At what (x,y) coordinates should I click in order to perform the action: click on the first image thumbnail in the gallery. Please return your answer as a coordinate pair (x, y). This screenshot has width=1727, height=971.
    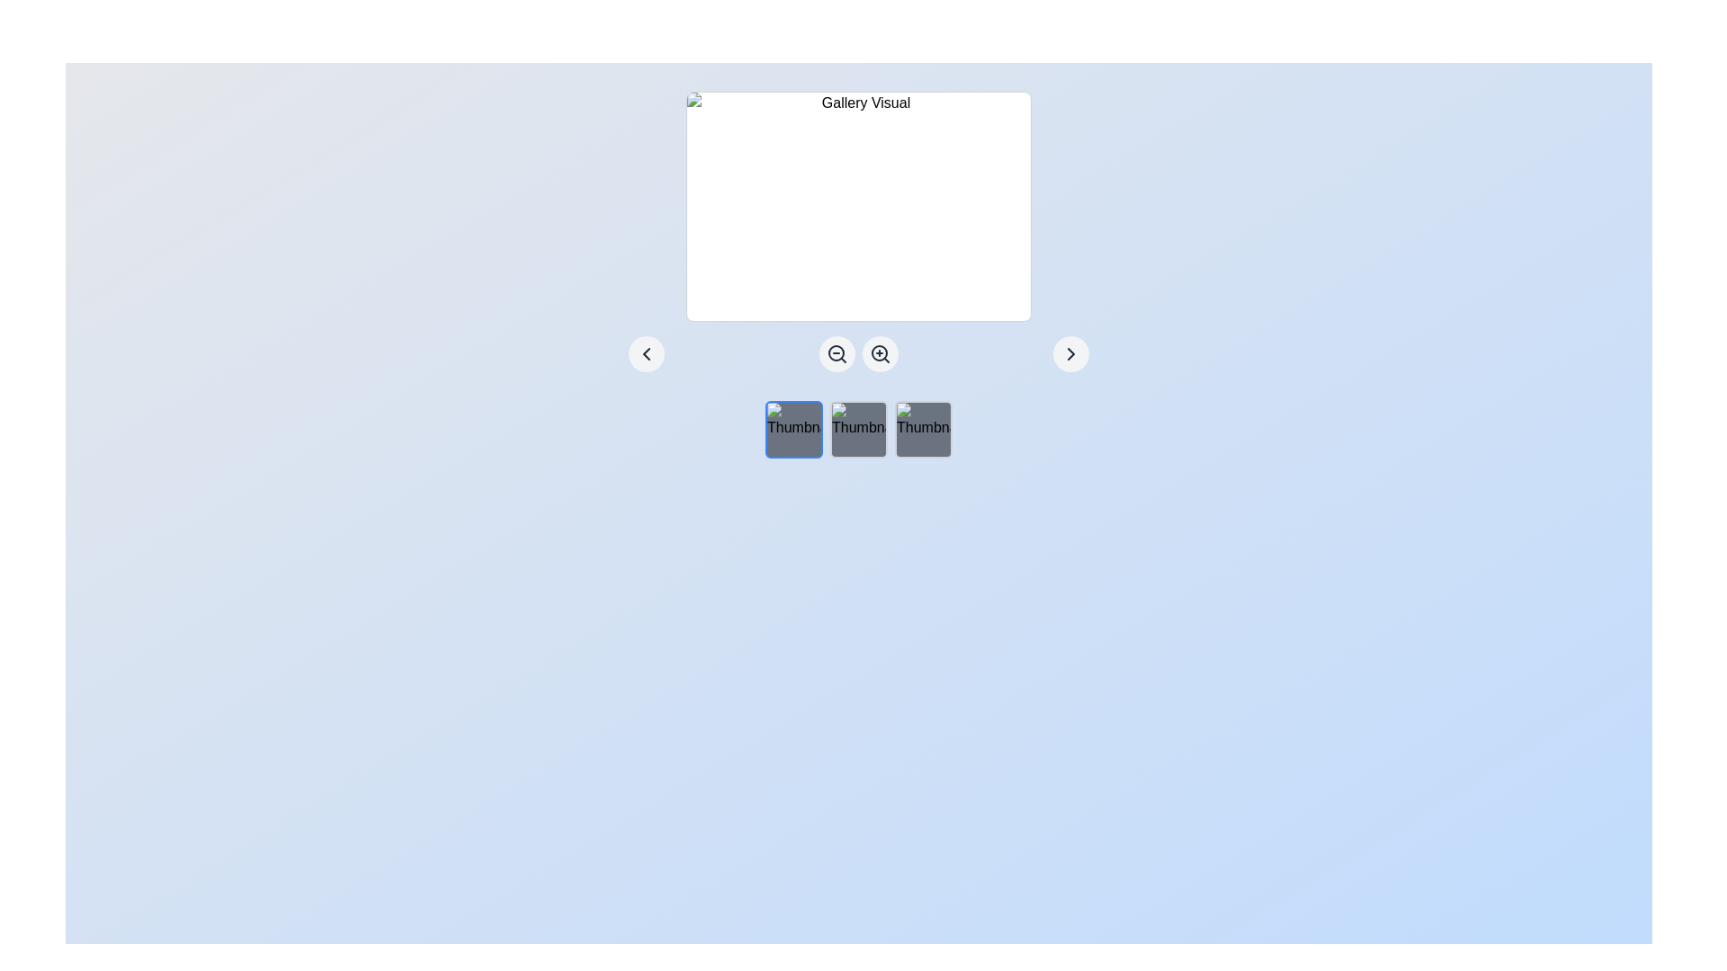
    Looking at the image, I should click on (793, 430).